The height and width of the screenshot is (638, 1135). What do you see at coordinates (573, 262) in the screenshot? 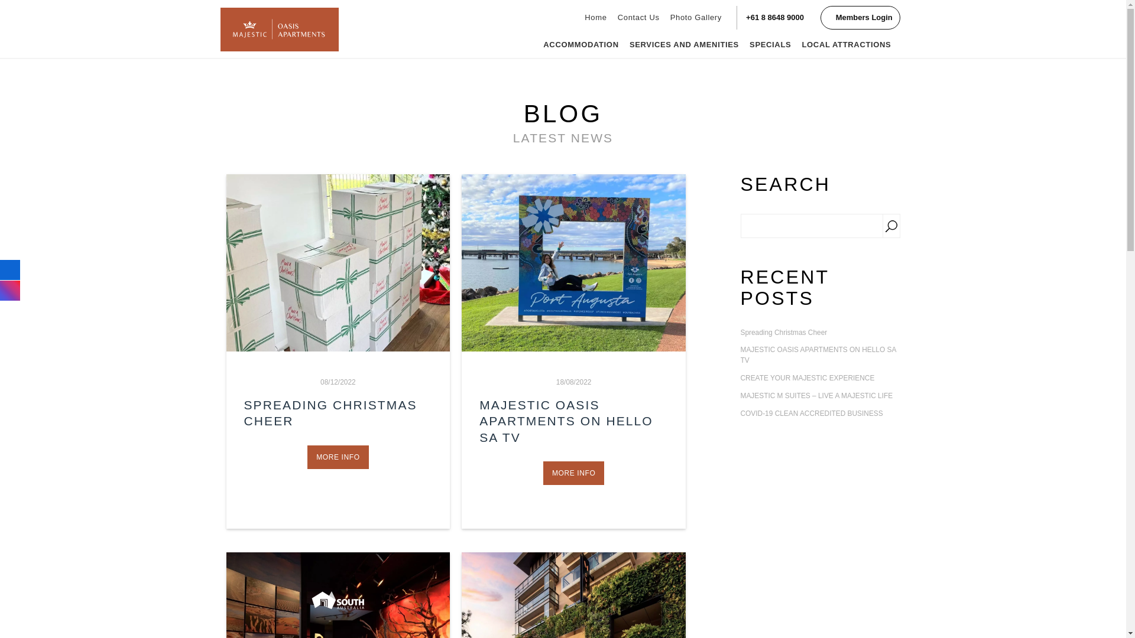
I see `' '` at bounding box center [573, 262].